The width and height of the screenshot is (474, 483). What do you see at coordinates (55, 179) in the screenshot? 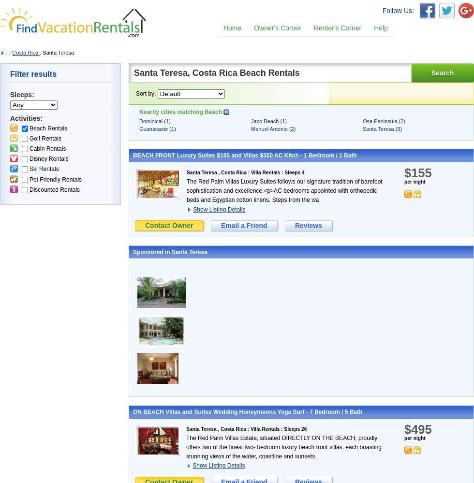
I see `'Pet Friendly Rentals'` at bounding box center [55, 179].